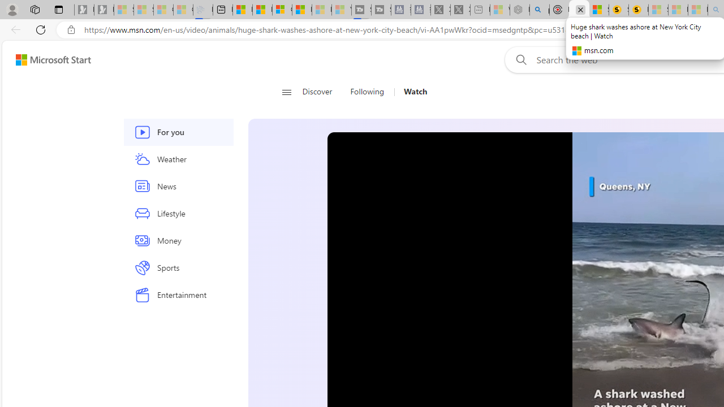 This screenshot has height=407, width=724. I want to click on 'Wildlife - MSN - Sleeping', so click(499, 10).